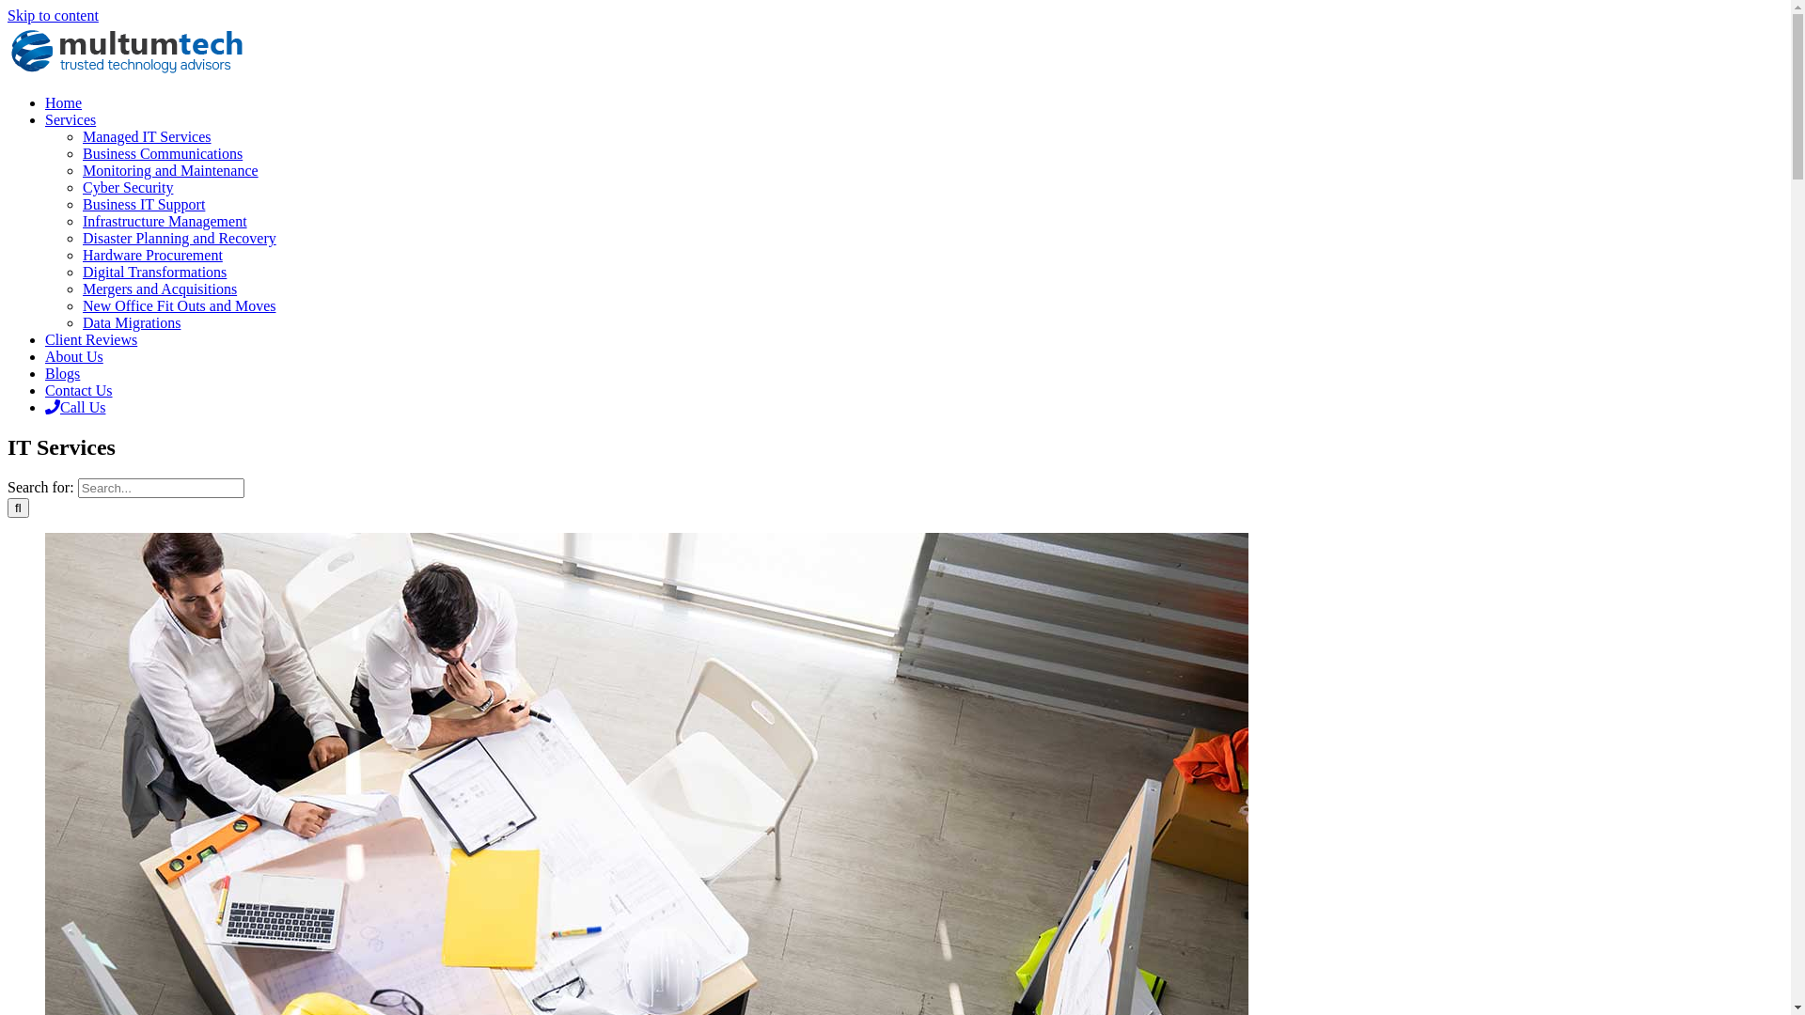  I want to click on 'Infrastructure Management', so click(81, 220).